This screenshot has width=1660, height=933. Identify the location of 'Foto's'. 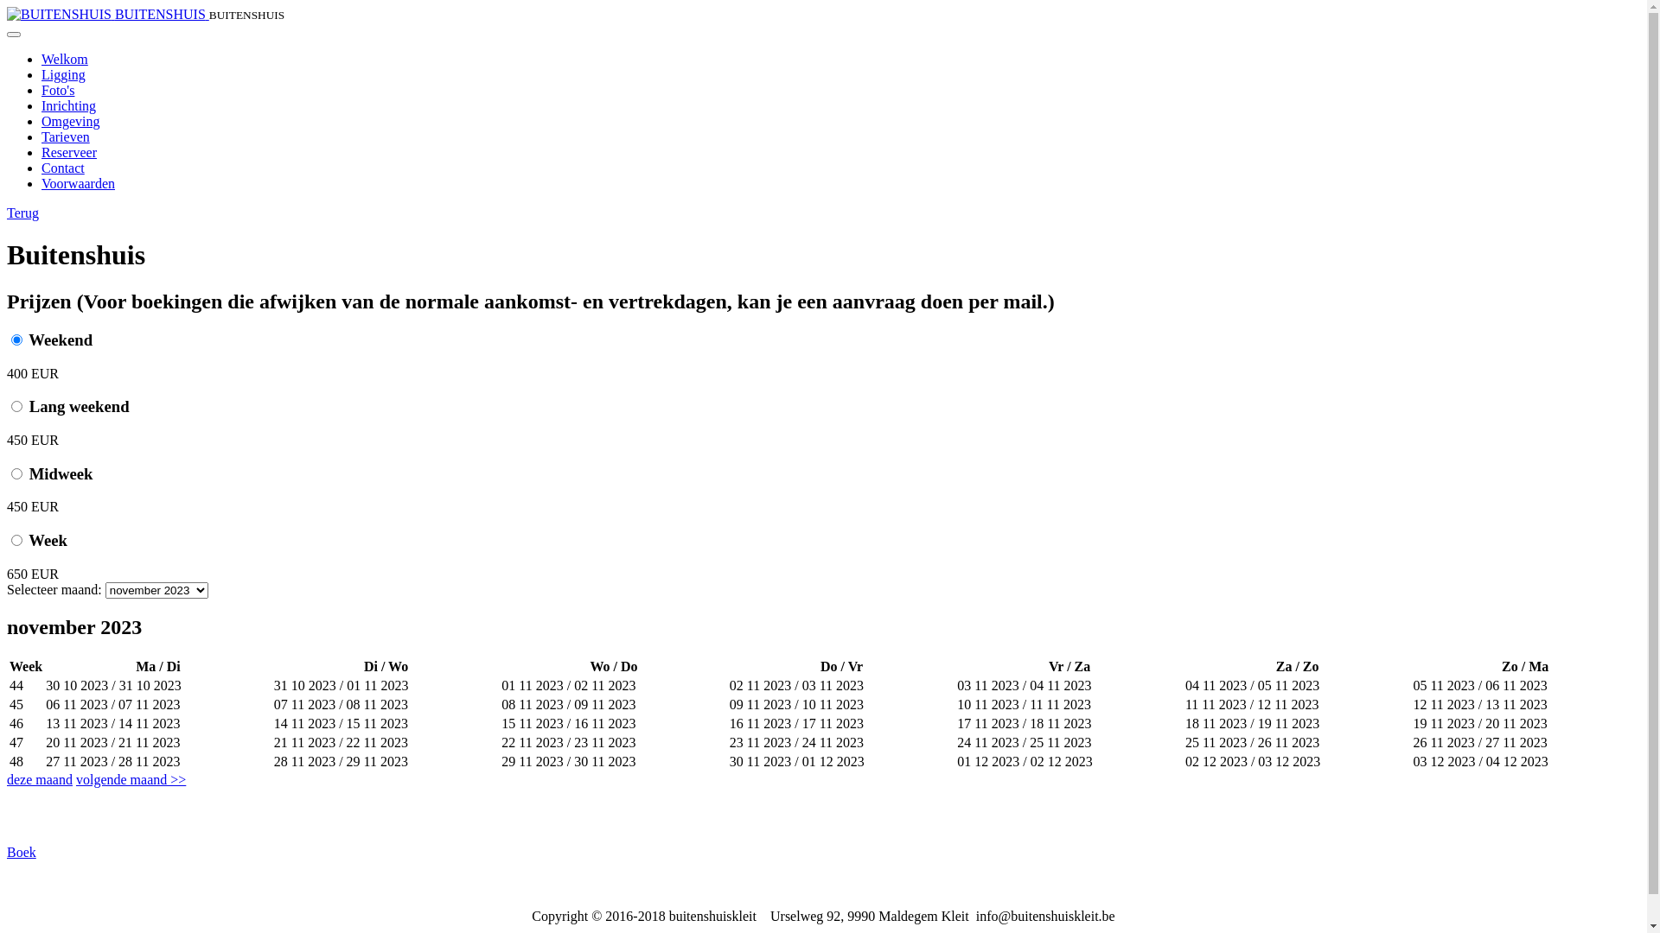
(58, 90).